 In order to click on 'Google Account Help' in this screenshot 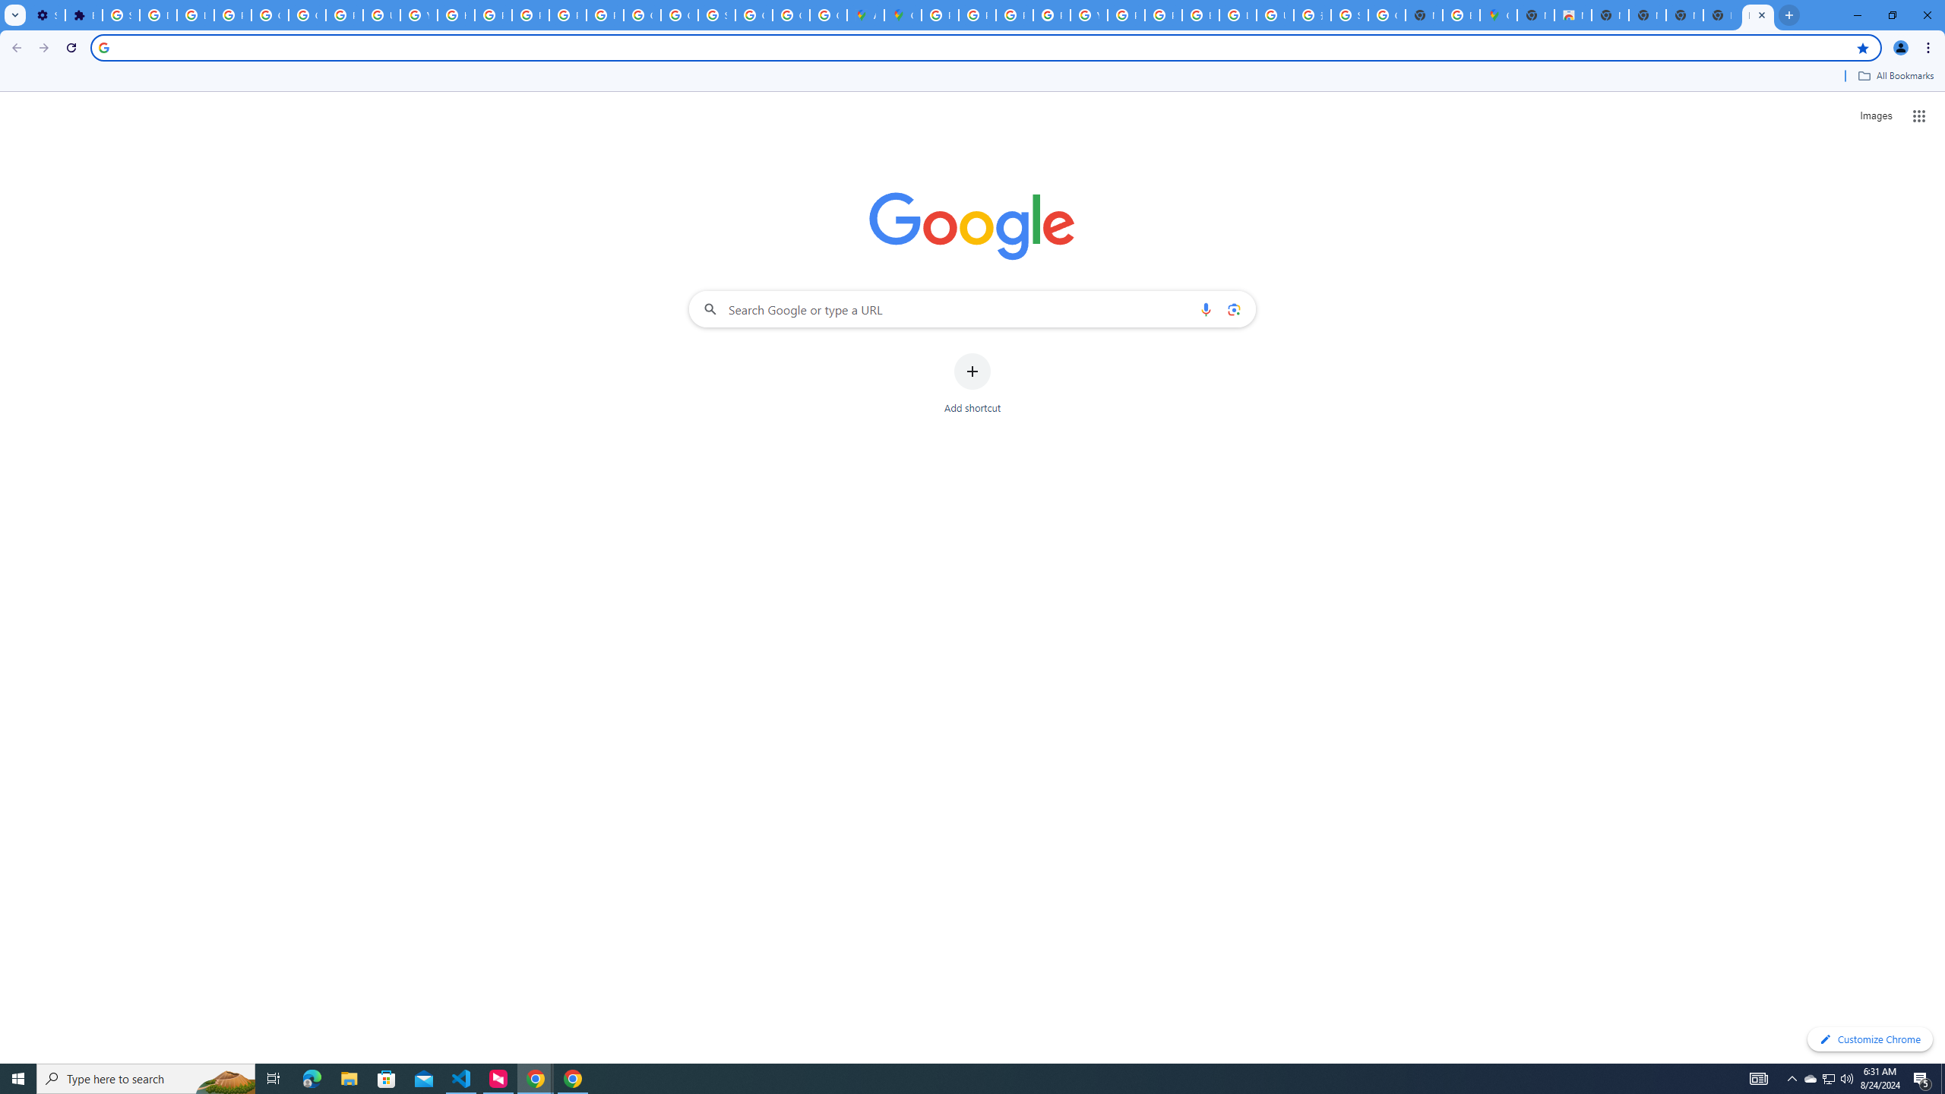, I will do `click(306, 14)`.